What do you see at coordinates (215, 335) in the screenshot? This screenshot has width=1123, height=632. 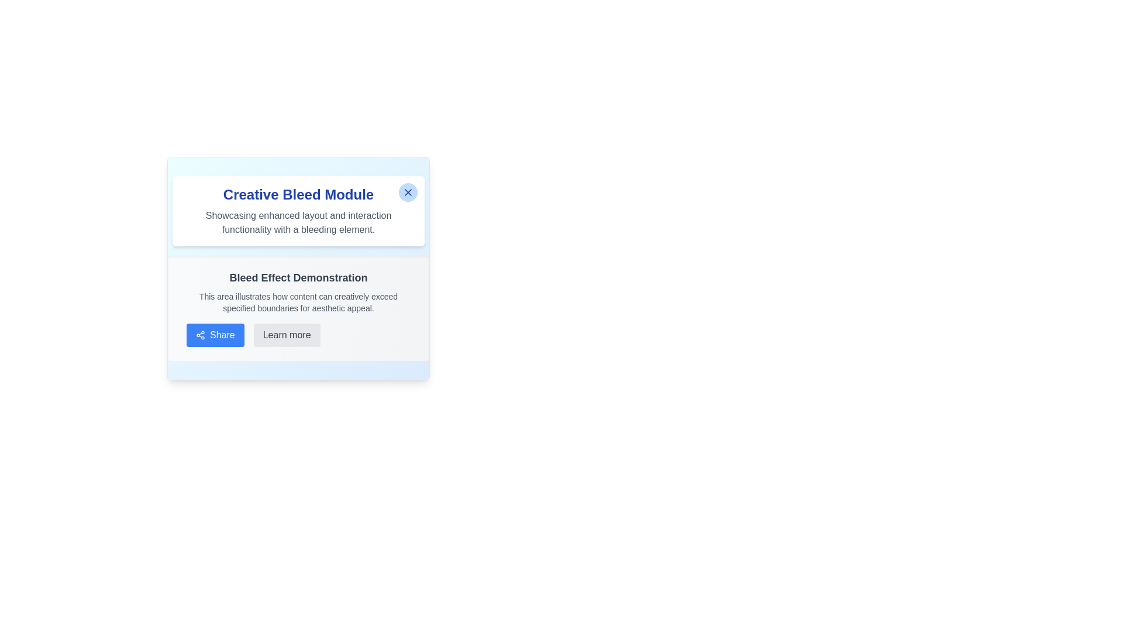 I see `the share button, which is the leftmost button in a horizontal arrangement at the bottom-left corner of the dialog box, to observe the hover effect` at bounding box center [215, 335].